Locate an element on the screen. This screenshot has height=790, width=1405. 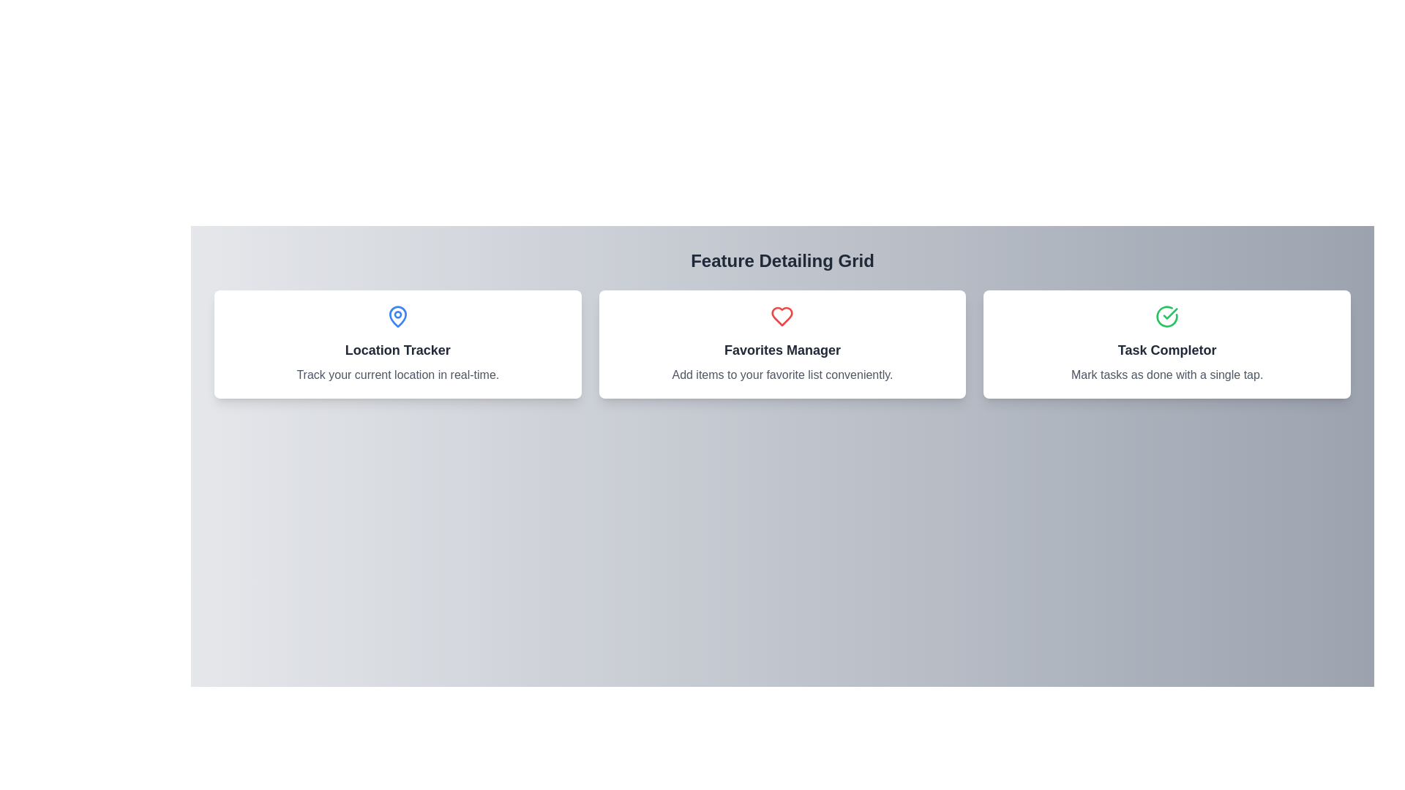
the 'Task Completor' feature overview card, which is visually distinct with a white background, rounded corners, and a green checkmark icon at the top is located at coordinates (1166, 344).